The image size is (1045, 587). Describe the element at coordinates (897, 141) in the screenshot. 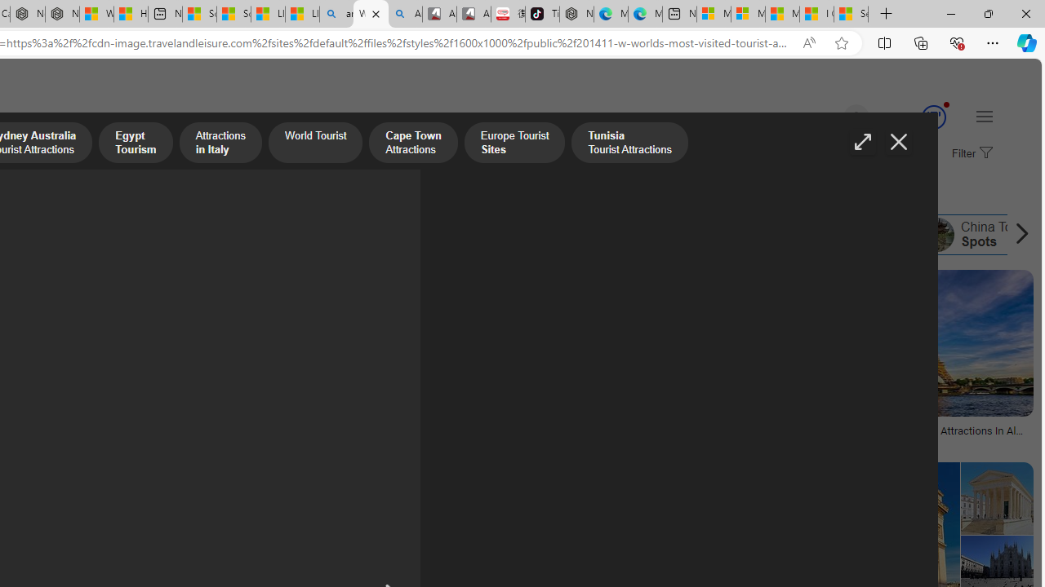

I see `'Close image'` at that location.